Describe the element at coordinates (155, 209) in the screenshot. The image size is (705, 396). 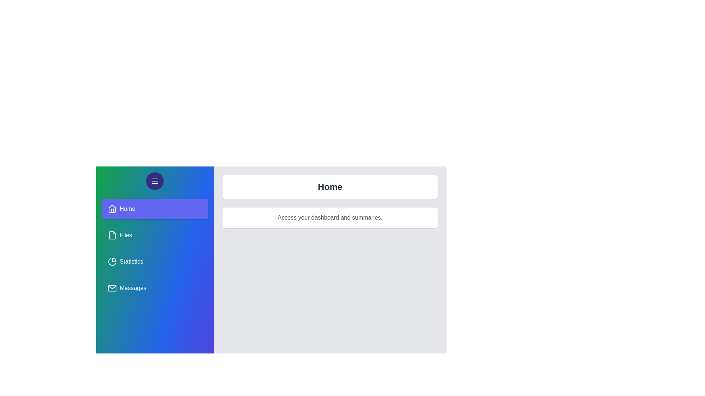
I see `the panel named Home from the sidebar` at that location.